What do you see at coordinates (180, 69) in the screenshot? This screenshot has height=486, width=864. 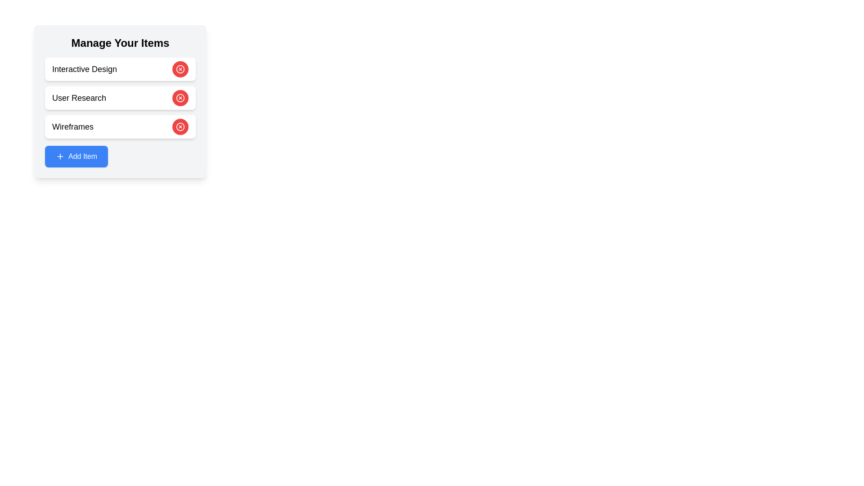 I see `'Remove' button for the item with content Interactive Design` at bounding box center [180, 69].